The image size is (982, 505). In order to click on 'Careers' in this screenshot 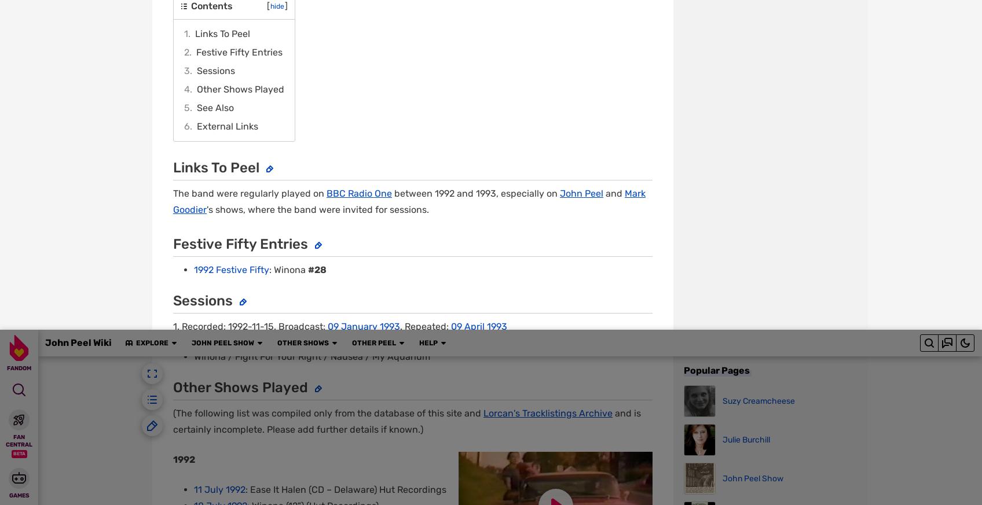, I will do `click(384, 489)`.